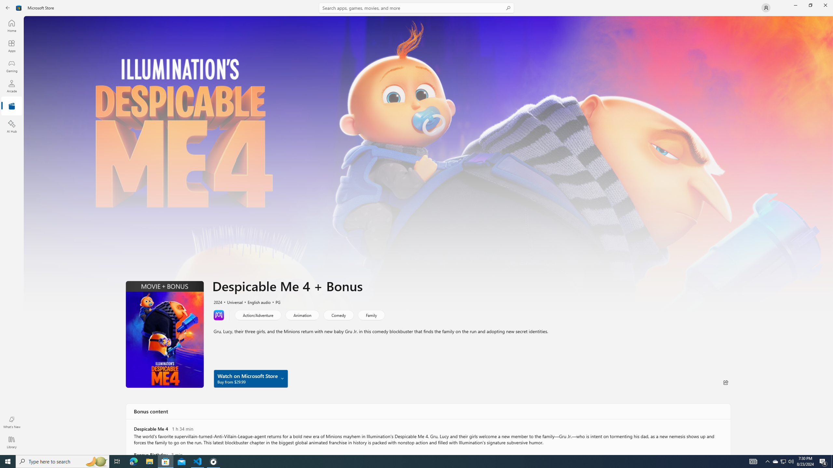  Describe the element at coordinates (251, 378) in the screenshot. I see `'Watch on Microsoft Store Buy from $29.99'` at that location.